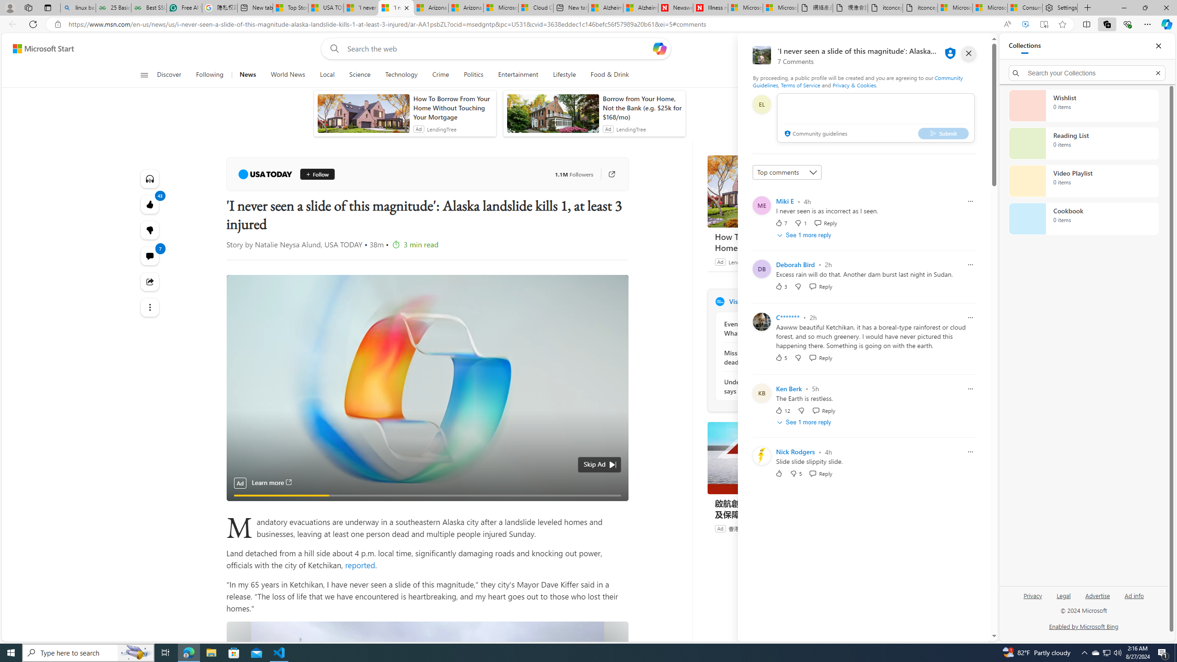 This screenshot has height=662, width=1177. I want to click on 'Cookbook collection, 0 items', so click(1083, 218).